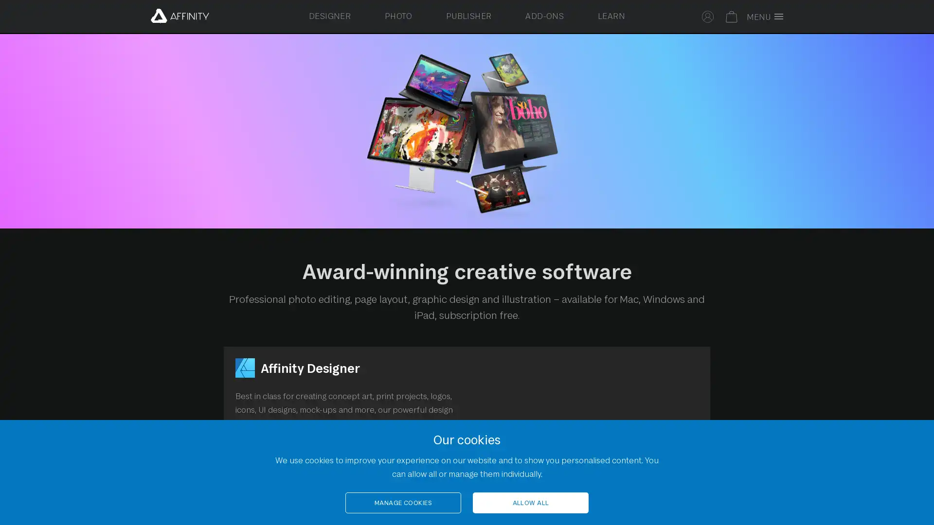  What do you see at coordinates (767, 17) in the screenshot?
I see `Toggle full screen menu` at bounding box center [767, 17].